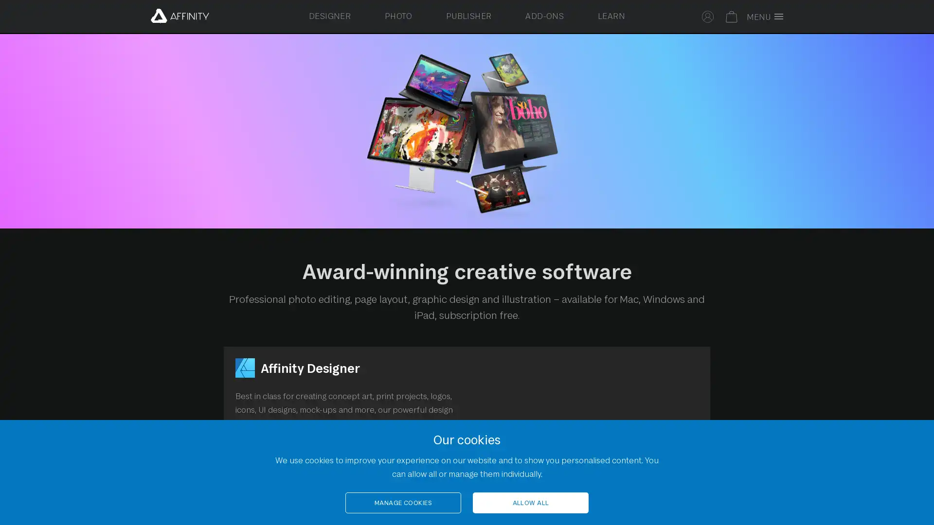  What do you see at coordinates (767, 17) in the screenshot?
I see `Toggle full screen menu` at bounding box center [767, 17].